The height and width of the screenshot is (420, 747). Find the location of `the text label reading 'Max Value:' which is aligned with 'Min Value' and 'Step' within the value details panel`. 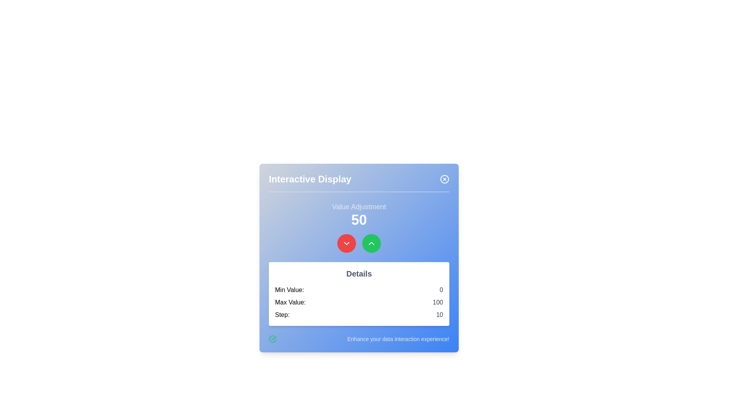

the text label reading 'Max Value:' which is aligned with 'Min Value' and 'Step' within the value details panel is located at coordinates (290, 302).